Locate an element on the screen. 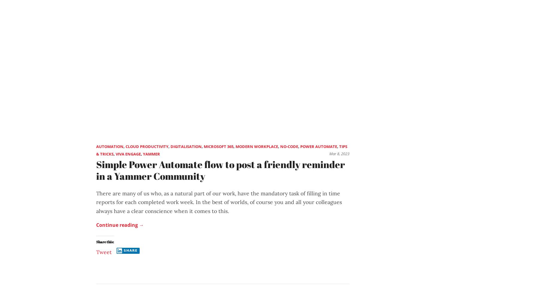  'Power Automate' is located at coordinates (300, 146).